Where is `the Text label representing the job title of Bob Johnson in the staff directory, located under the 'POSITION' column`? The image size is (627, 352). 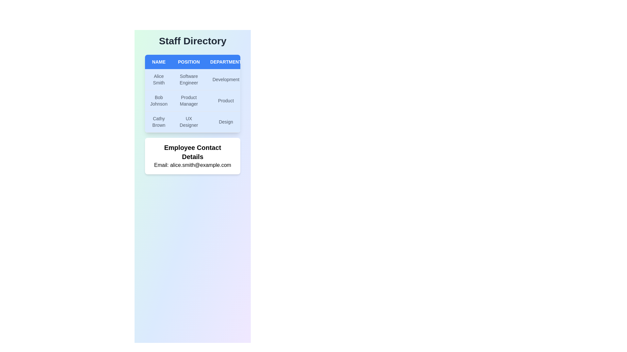
the Text label representing the job title of Bob Johnson in the staff directory, located under the 'POSITION' column is located at coordinates (188, 100).